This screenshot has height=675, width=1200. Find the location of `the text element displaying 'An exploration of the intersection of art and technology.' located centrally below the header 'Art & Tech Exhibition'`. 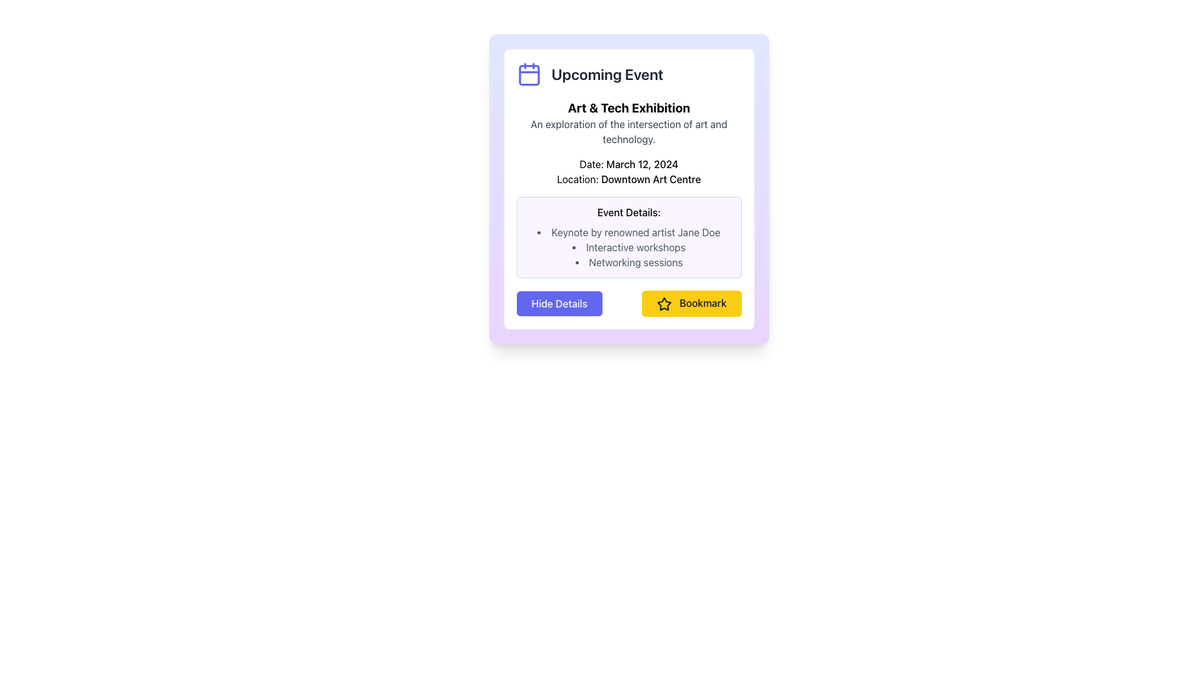

the text element displaying 'An exploration of the intersection of art and technology.' located centrally below the header 'Art & Tech Exhibition' is located at coordinates (629, 132).